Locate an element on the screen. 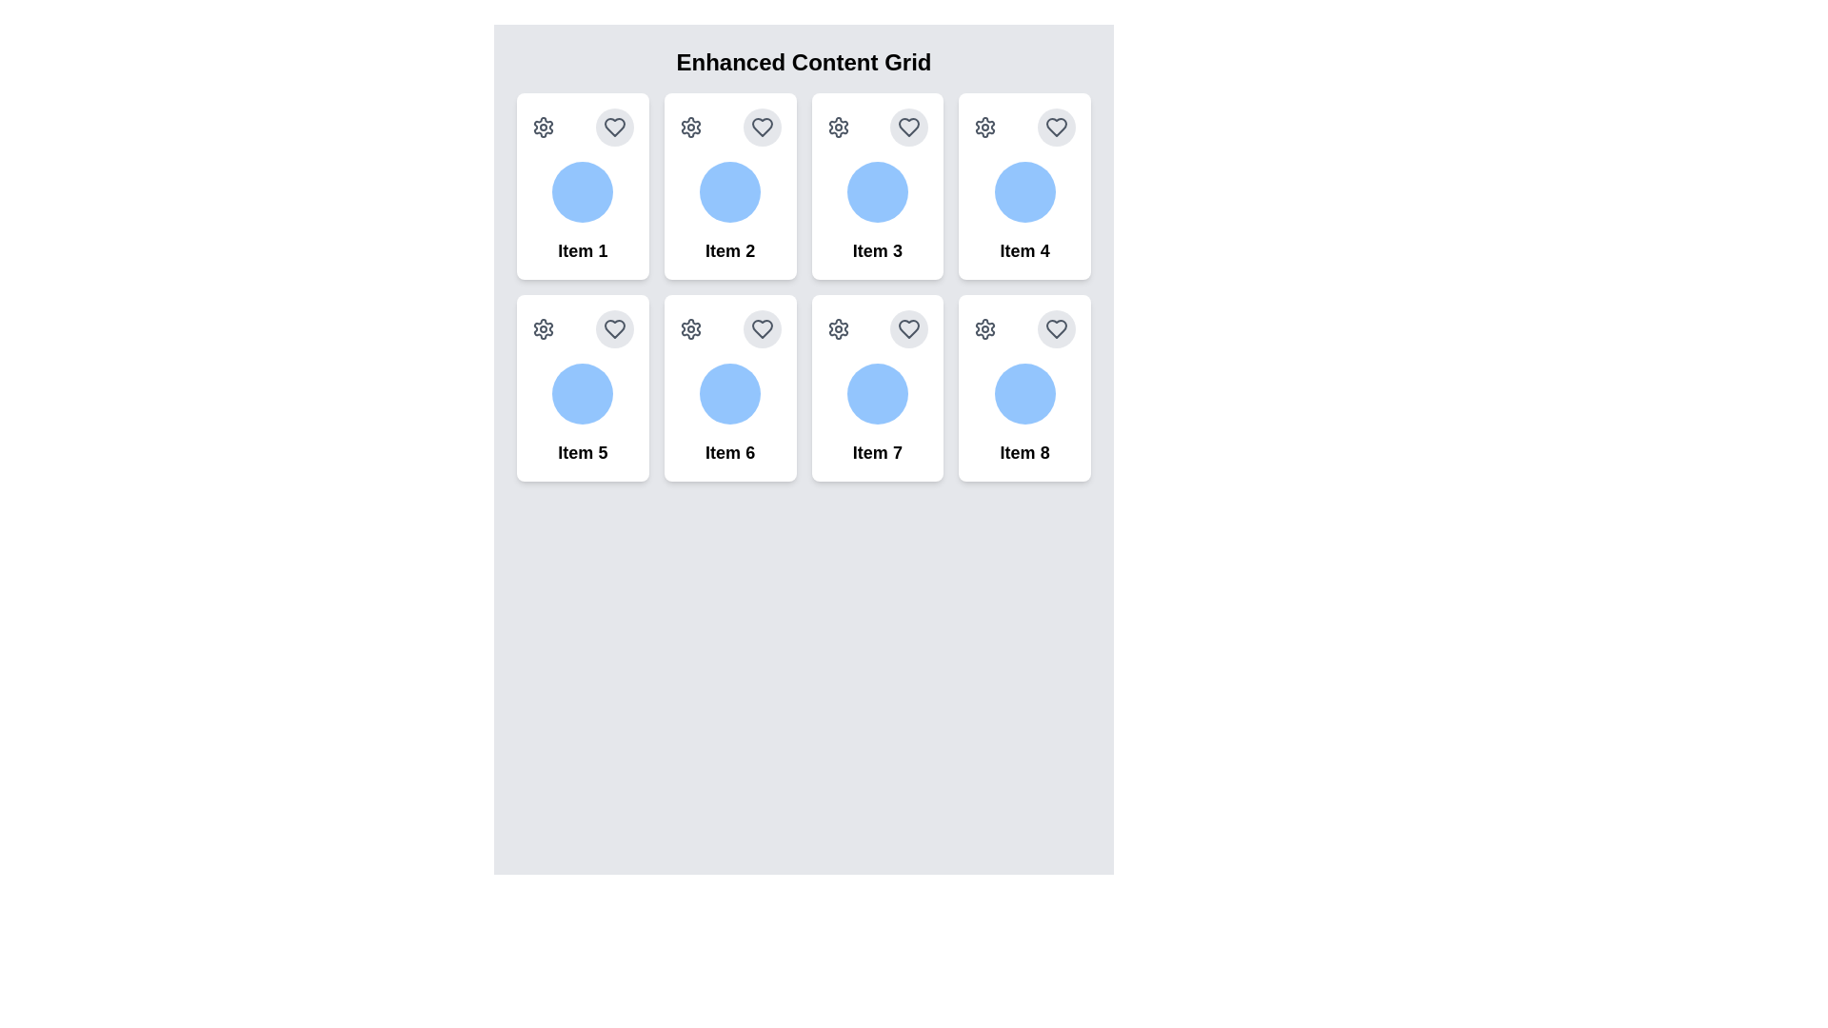 The height and width of the screenshot is (1028, 1828). the circular button with a light gray background and heart-shaped icon located in the top-right corner of the card for 'Item 1' in the 'Enhanced Content Grid' is located at coordinates (614, 128).